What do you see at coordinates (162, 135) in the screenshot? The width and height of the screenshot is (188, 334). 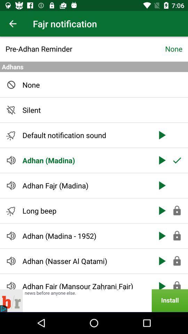 I see `the button which is next to the default notification sound` at bounding box center [162, 135].